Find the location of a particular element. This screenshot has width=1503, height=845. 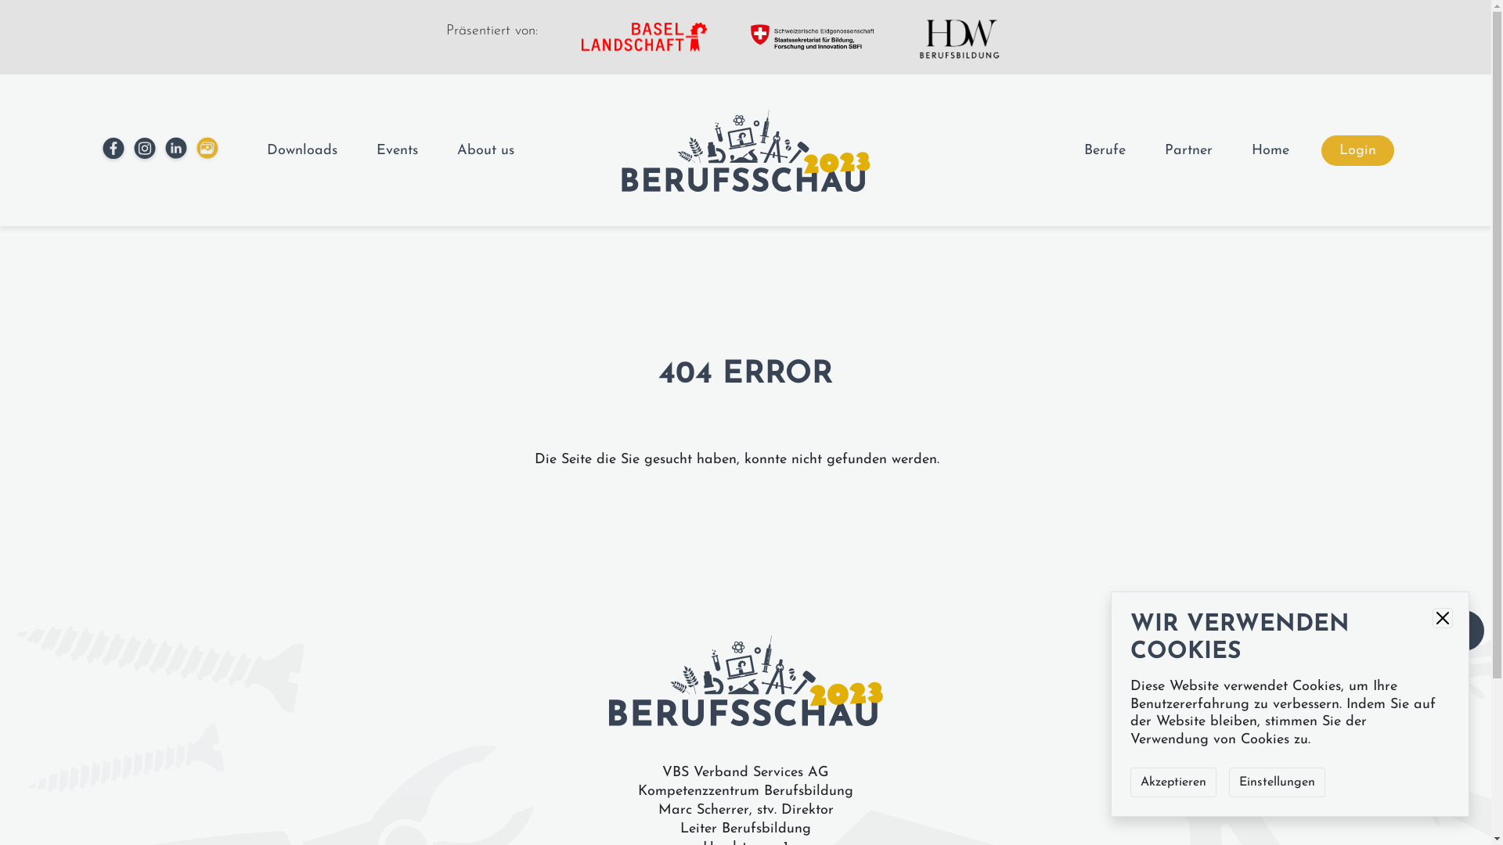

'Partner' is located at coordinates (1165, 149).